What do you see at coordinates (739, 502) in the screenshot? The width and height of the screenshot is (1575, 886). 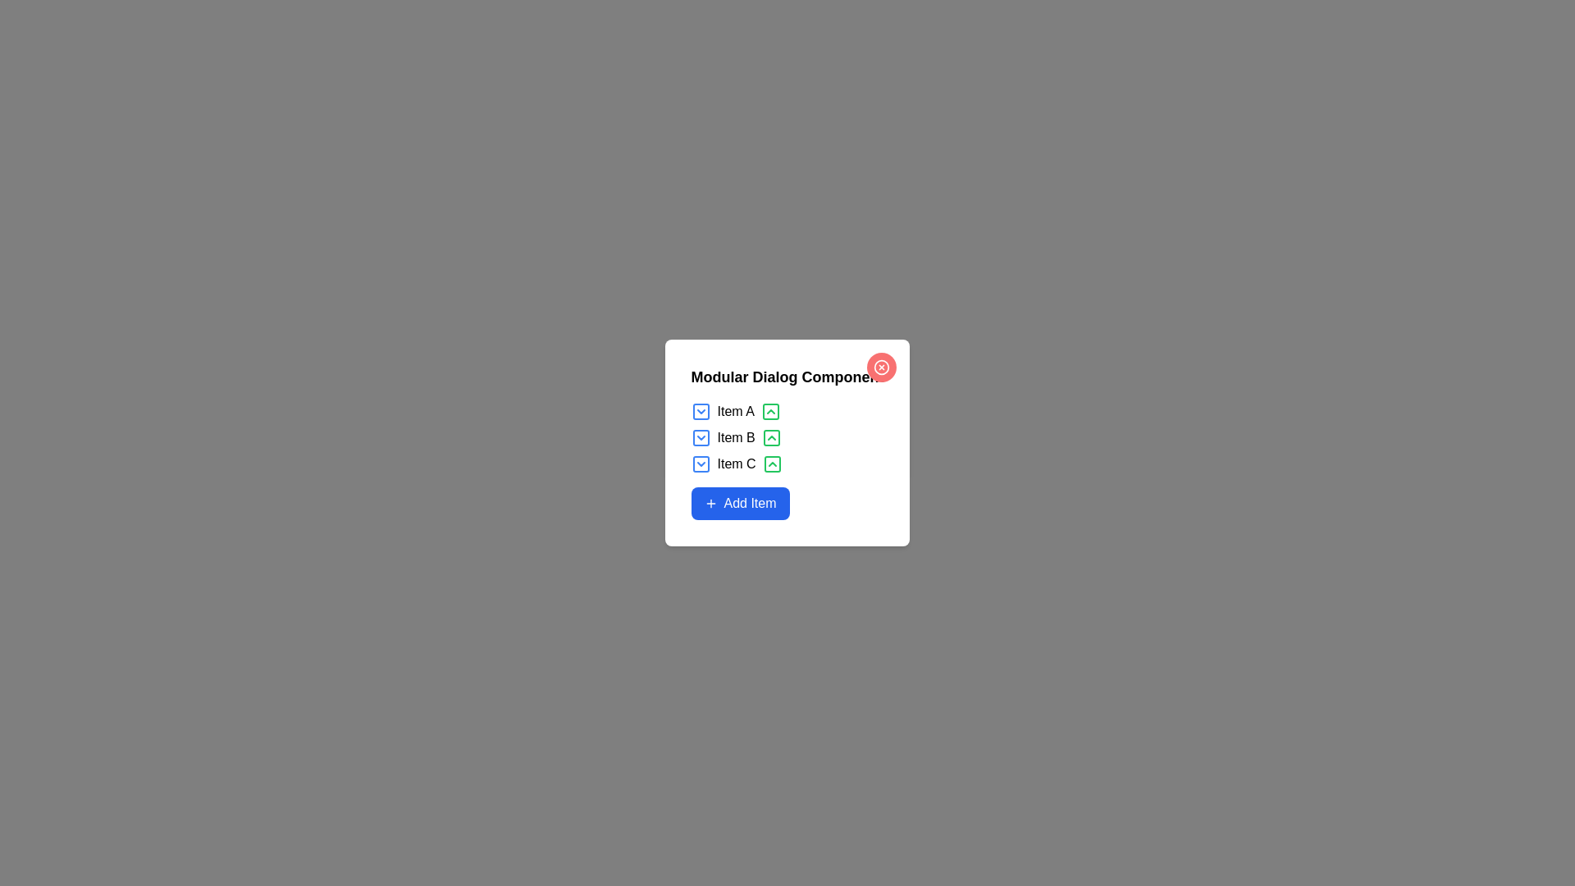 I see `the 'Add Item' button to add a new item to the list` at bounding box center [739, 502].